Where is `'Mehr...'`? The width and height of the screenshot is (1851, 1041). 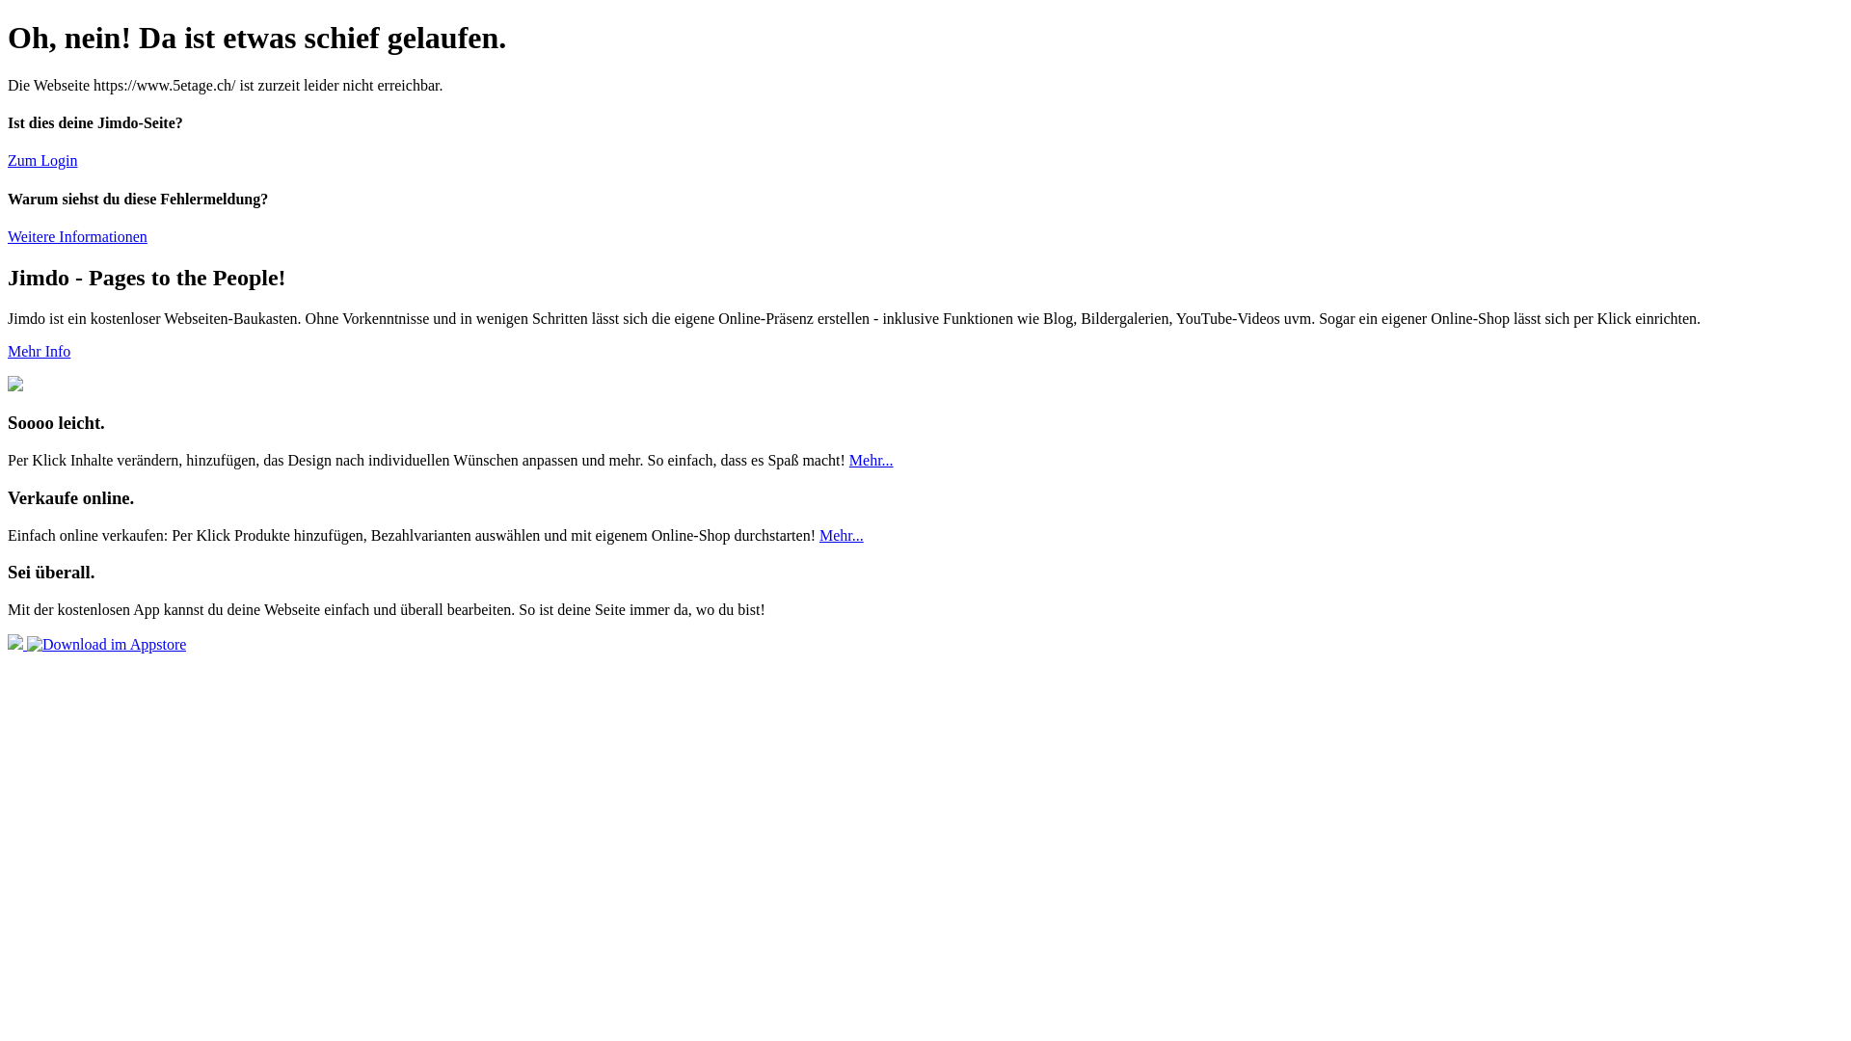
'Mehr...' is located at coordinates (870, 460).